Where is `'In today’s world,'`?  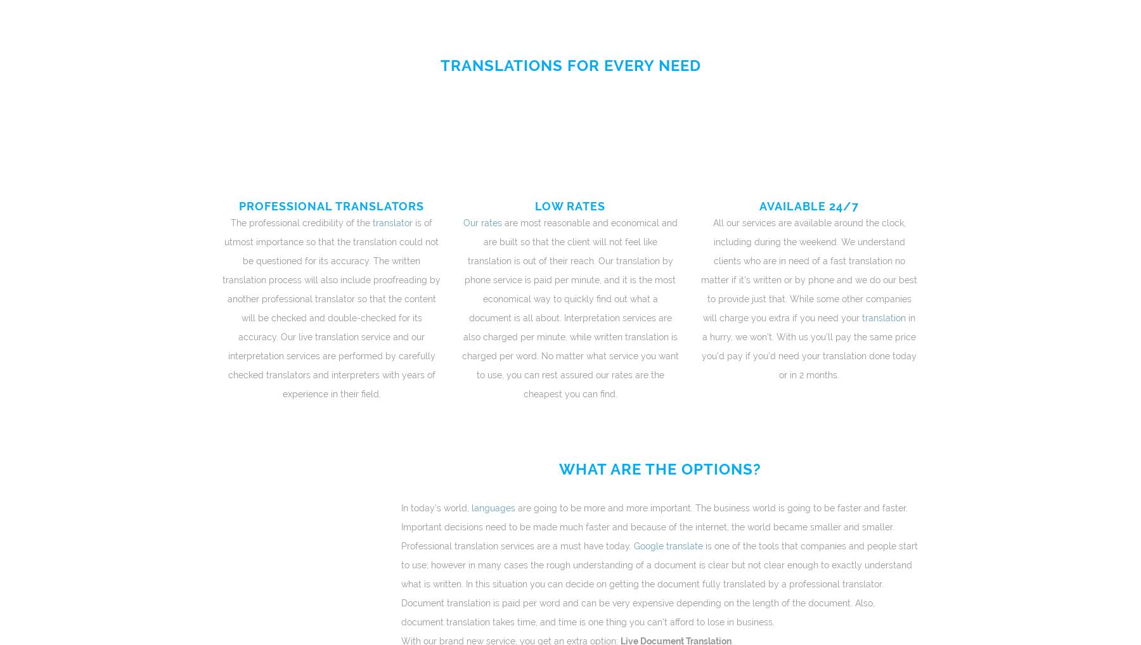
'In today’s world,' is located at coordinates (434, 508).